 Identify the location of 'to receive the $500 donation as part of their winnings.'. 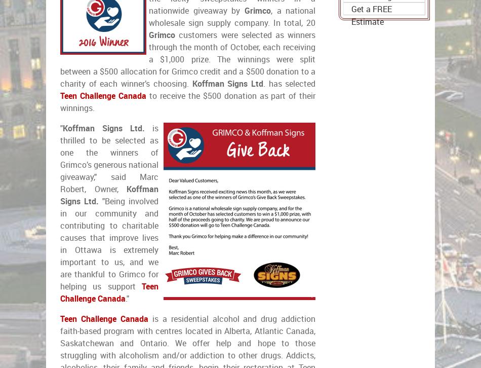
(187, 101).